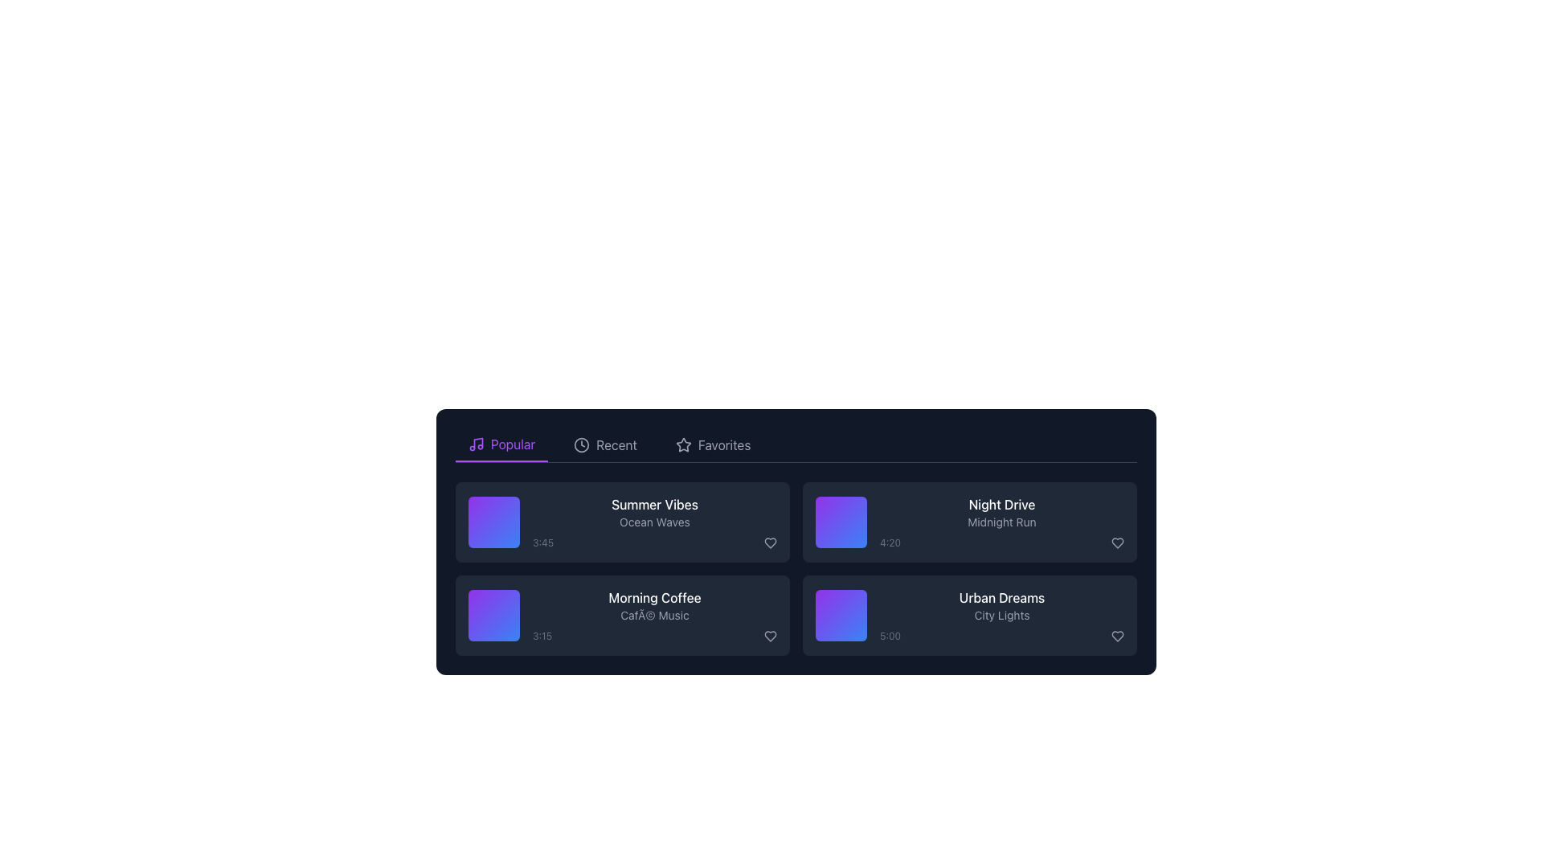 This screenshot has width=1543, height=868. What do you see at coordinates (621, 522) in the screenshot?
I see `the 'Summer Vibes' music card in the 'Popular' section` at bounding box center [621, 522].